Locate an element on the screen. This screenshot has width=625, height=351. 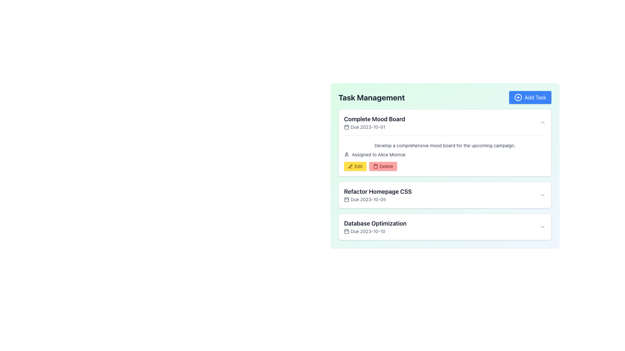
the icon button located in the upper-right corner of the 'Complete Mood Board' task card is located at coordinates (542, 123).